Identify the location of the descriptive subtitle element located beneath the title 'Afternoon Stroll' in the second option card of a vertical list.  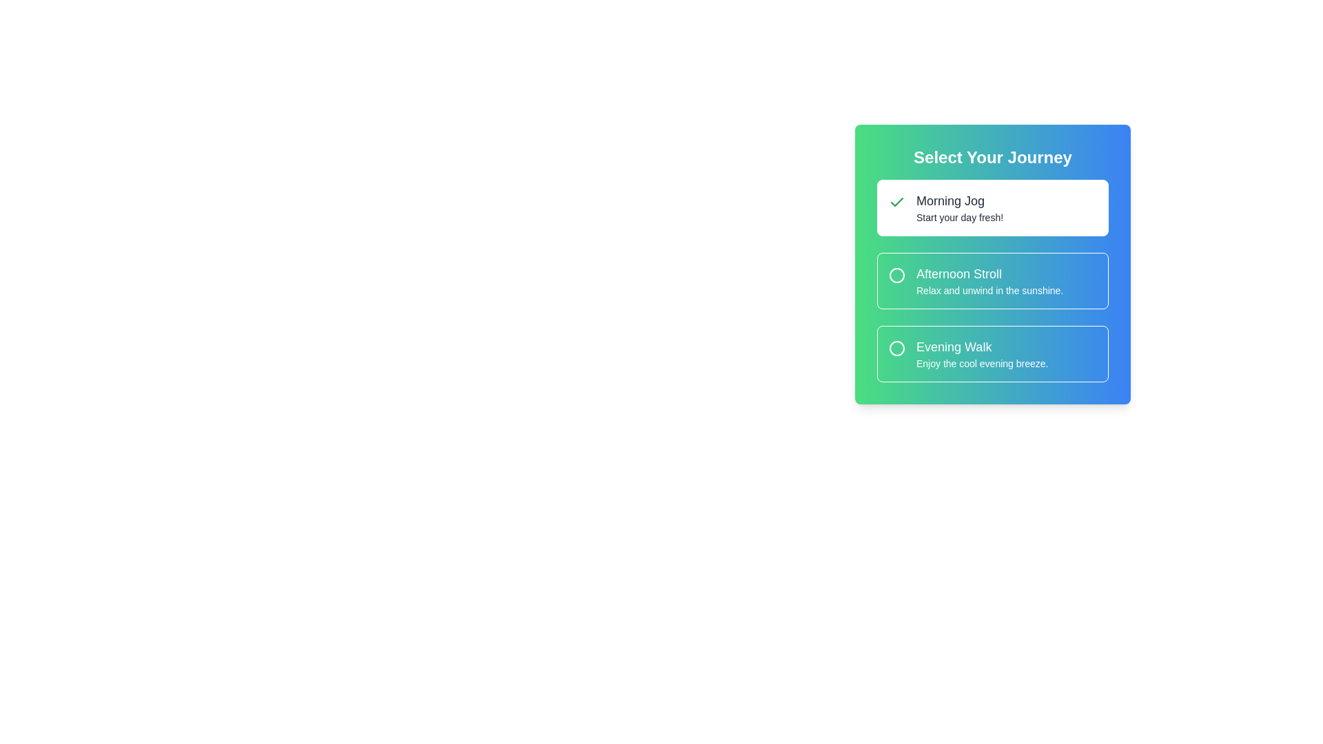
(989, 289).